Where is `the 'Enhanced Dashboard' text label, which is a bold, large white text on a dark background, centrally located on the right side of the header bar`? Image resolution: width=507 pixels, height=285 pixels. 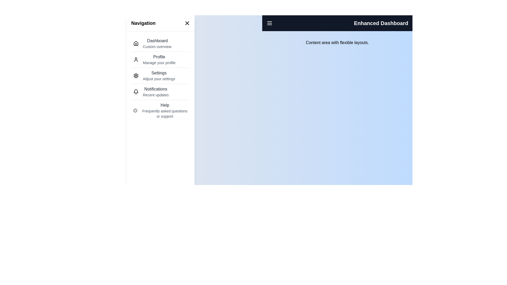
the 'Enhanced Dashboard' text label, which is a bold, large white text on a dark background, centrally located on the right side of the header bar is located at coordinates (381, 23).